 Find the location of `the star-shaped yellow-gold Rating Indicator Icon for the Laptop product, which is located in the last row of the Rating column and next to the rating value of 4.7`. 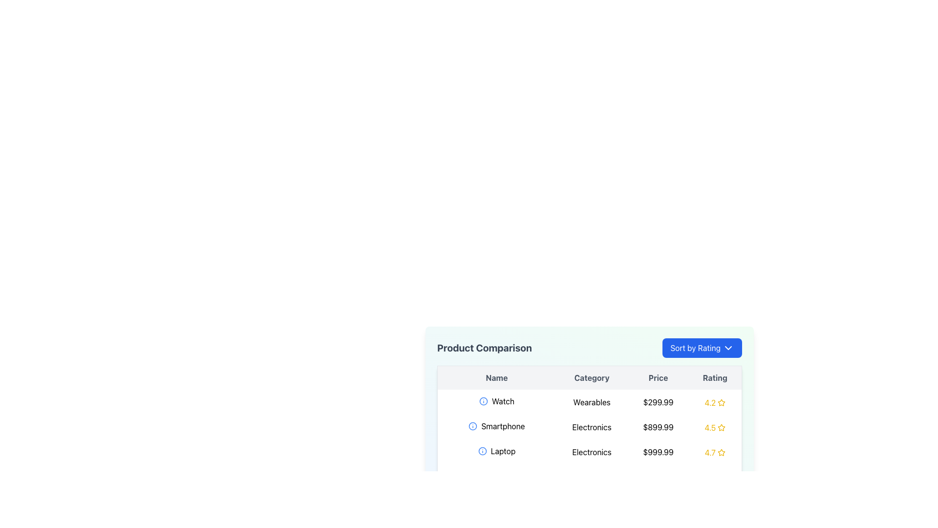

the star-shaped yellow-gold Rating Indicator Icon for the Laptop product, which is located in the last row of the Rating column and next to the rating value of 4.7 is located at coordinates (721, 452).